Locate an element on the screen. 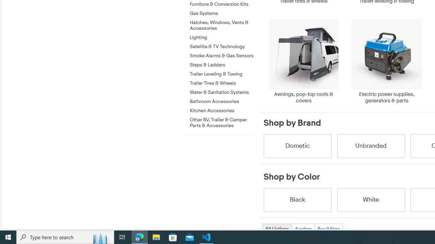 The width and height of the screenshot is (435, 244). 'Awnings, pop-top roofs & covers' is located at coordinates (303, 61).